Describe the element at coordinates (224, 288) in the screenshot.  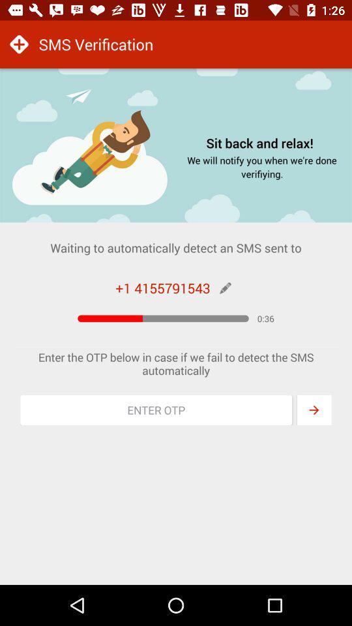
I see `edit number` at that location.